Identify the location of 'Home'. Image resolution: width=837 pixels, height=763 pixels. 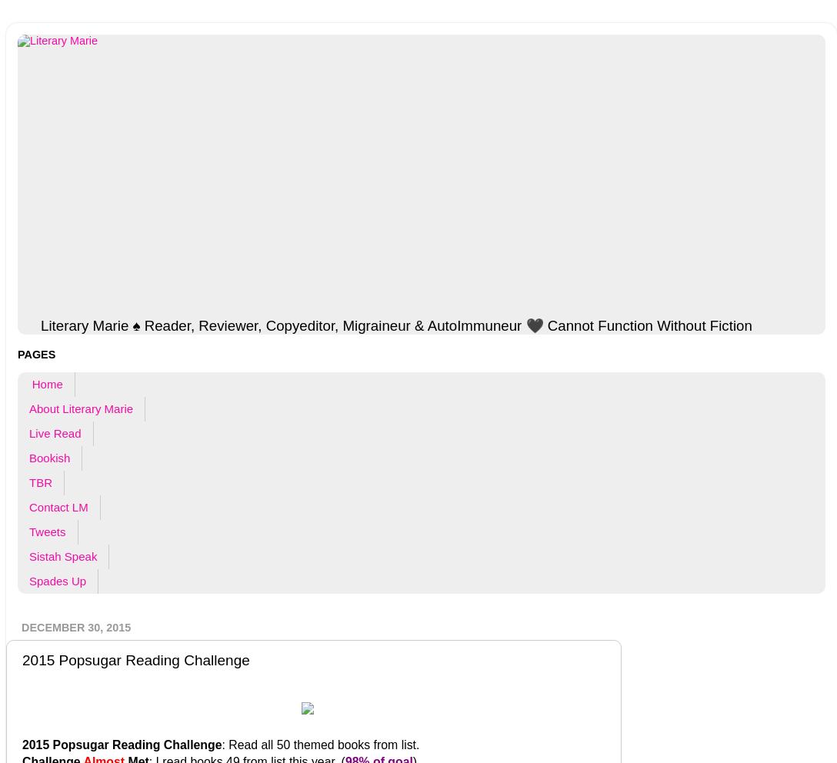
(32, 383).